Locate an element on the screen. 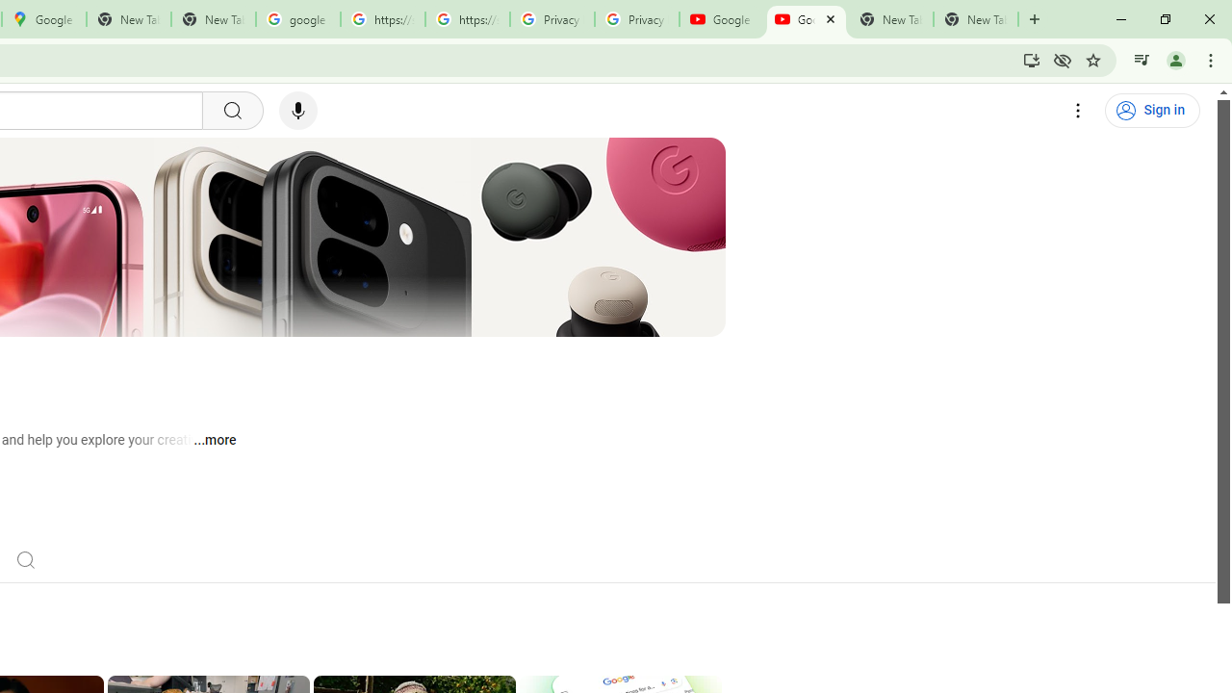  'Third-party cookies blocked' is located at coordinates (1062, 59).